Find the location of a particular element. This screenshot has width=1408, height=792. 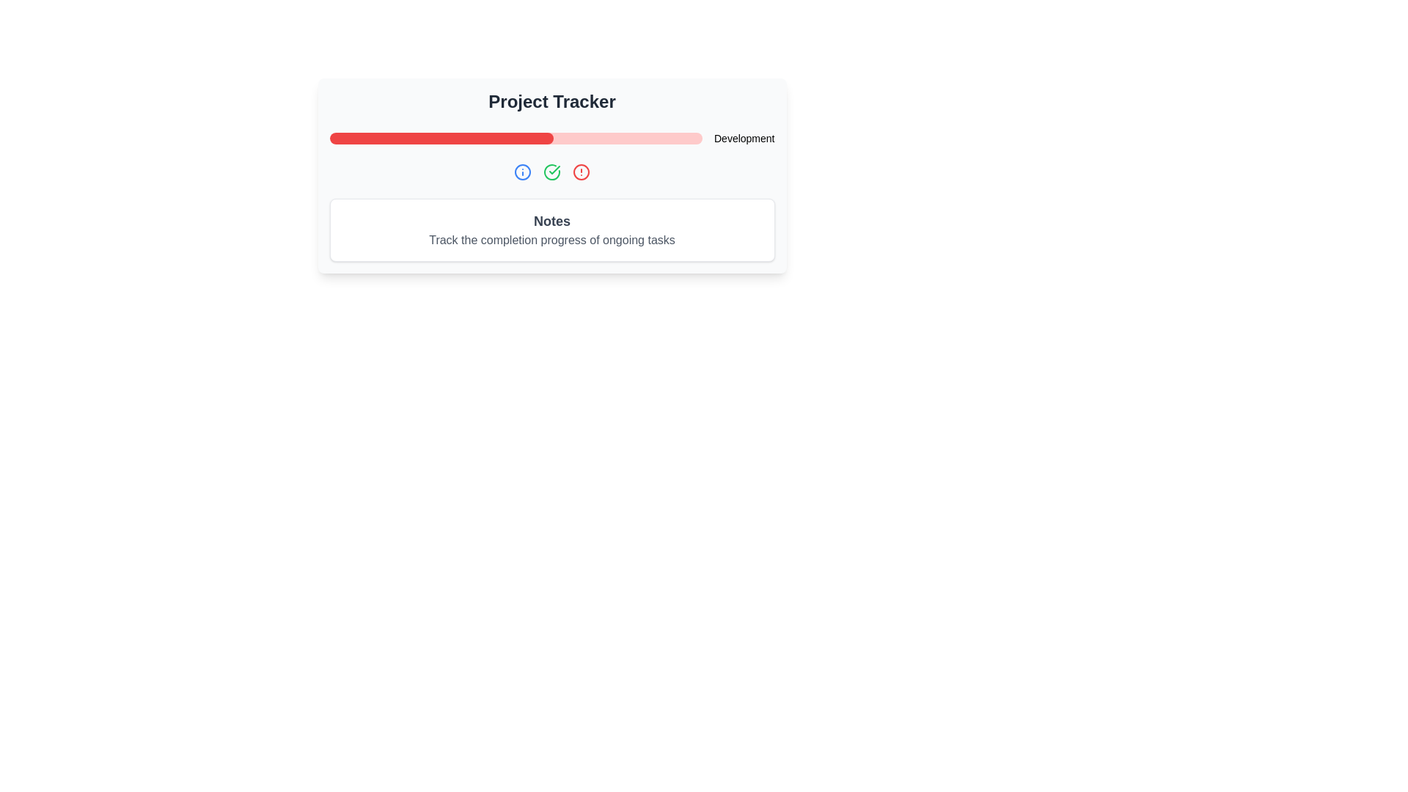

the displayed progress level of the Progress bar located below the 'Project Tracker' title is located at coordinates (516, 139).